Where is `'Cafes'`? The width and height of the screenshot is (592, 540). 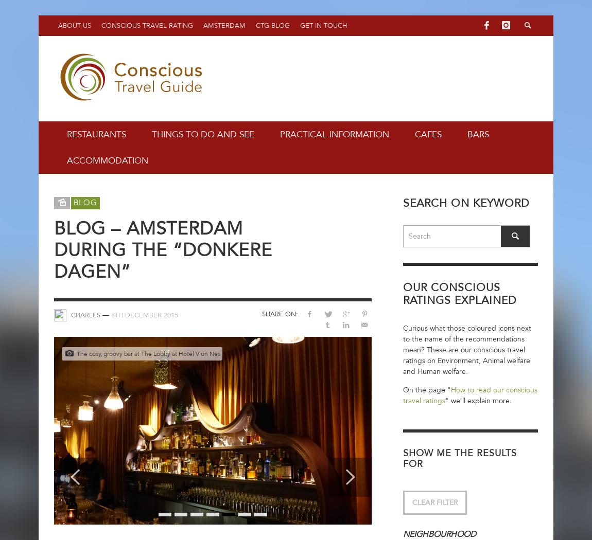
'Cafes' is located at coordinates (428, 134).